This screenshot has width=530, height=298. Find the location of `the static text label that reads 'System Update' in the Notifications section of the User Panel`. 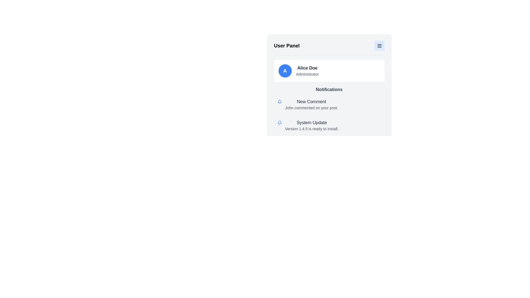

the static text label that reads 'System Update' in the Notifications section of the User Panel is located at coordinates (312, 122).